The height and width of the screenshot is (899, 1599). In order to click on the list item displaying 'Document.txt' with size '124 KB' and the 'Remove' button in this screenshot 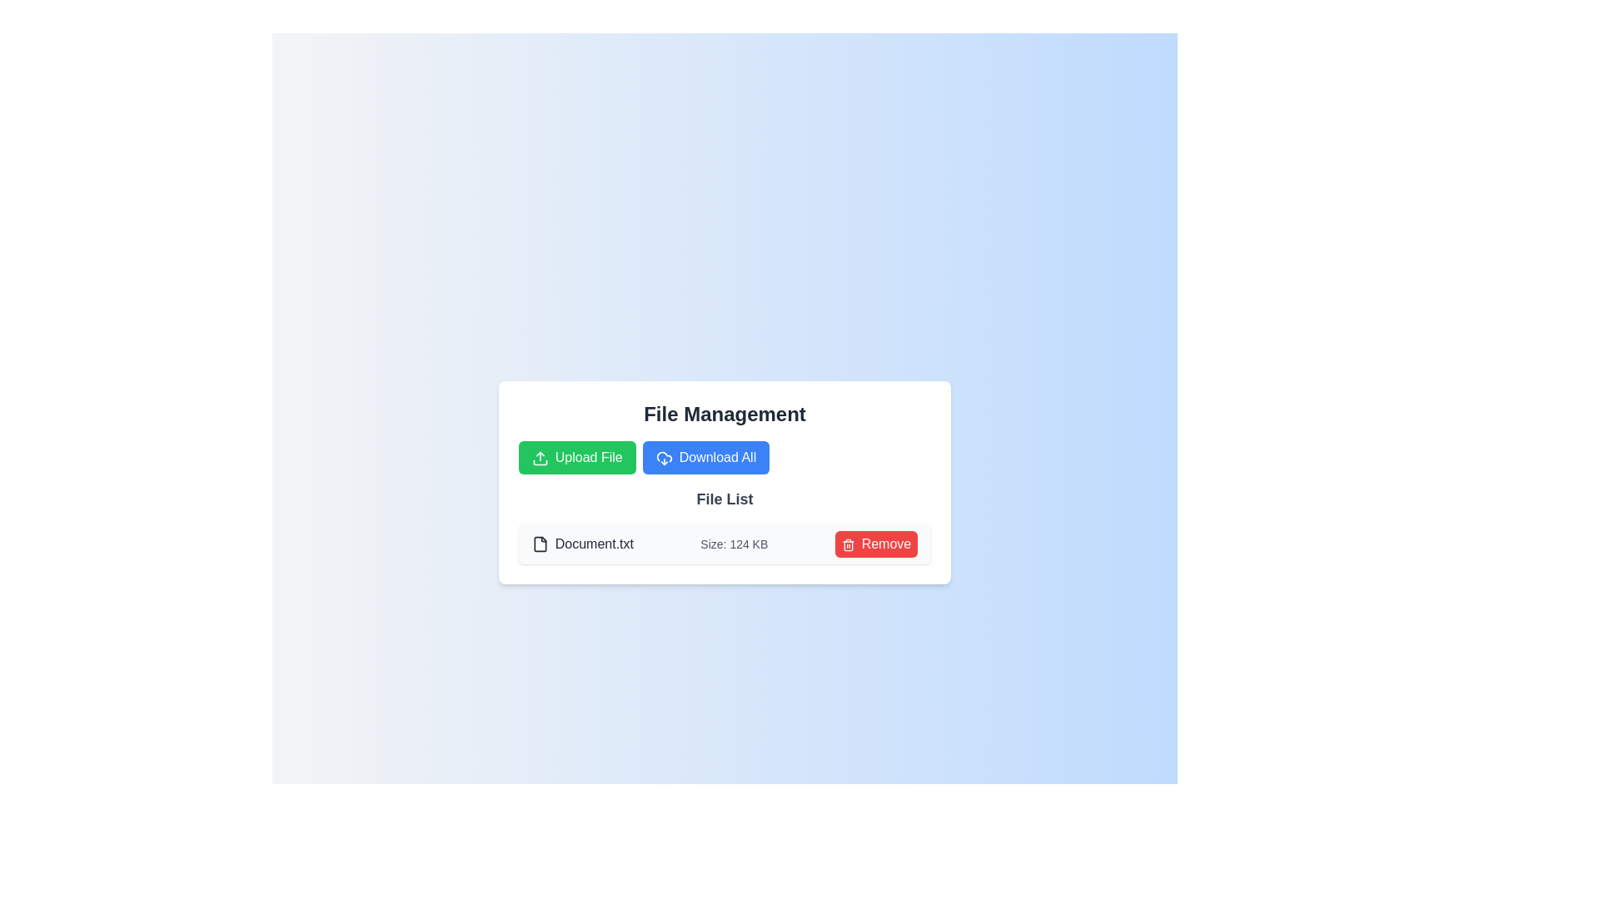, I will do `click(725, 544)`.